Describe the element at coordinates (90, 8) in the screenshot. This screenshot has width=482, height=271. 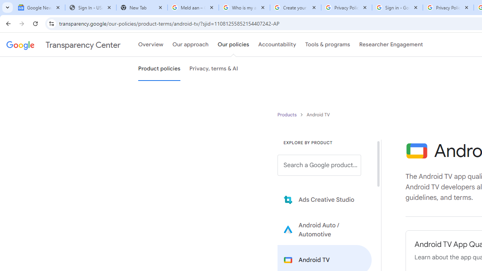
I see `'Sign In - USA TODAY'` at that location.